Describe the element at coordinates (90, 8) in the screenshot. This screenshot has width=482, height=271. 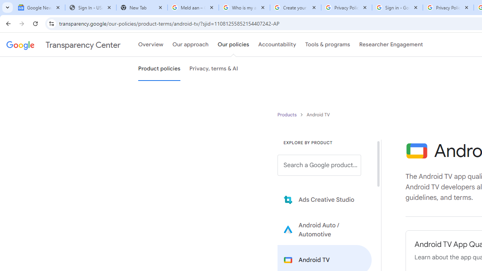
I see `'Sign In - USA TODAY'` at that location.